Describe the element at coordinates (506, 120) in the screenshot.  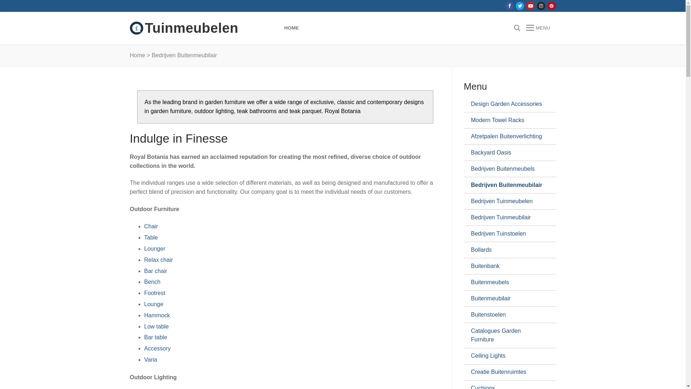
I see `'Modern Towel Racks'` at that location.